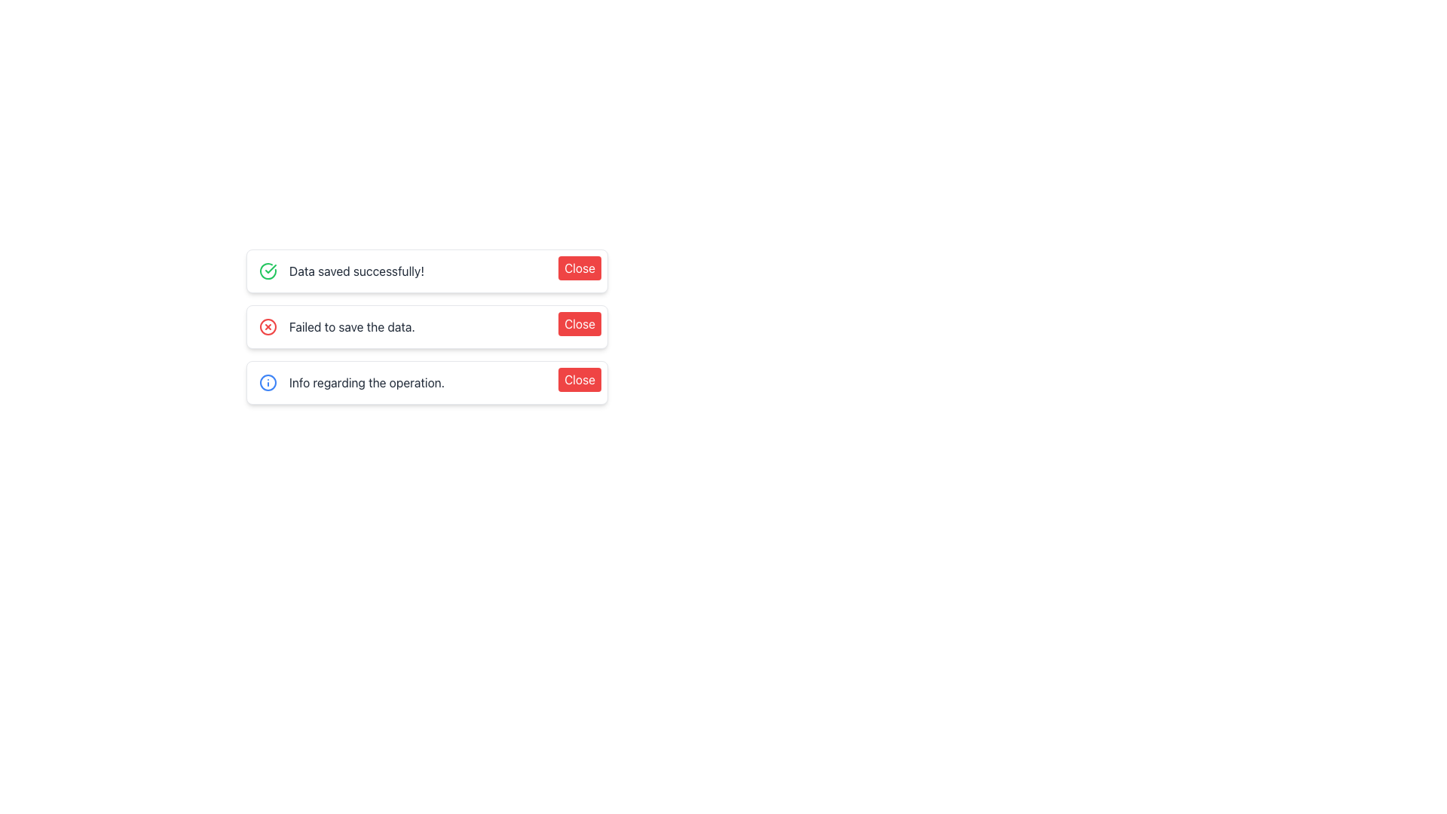 Image resolution: width=1447 pixels, height=814 pixels. I want to click on the informational message icon located within the third notification card, positioned to the left of the message text 'Info regarding the operation.', so click(268, 382).